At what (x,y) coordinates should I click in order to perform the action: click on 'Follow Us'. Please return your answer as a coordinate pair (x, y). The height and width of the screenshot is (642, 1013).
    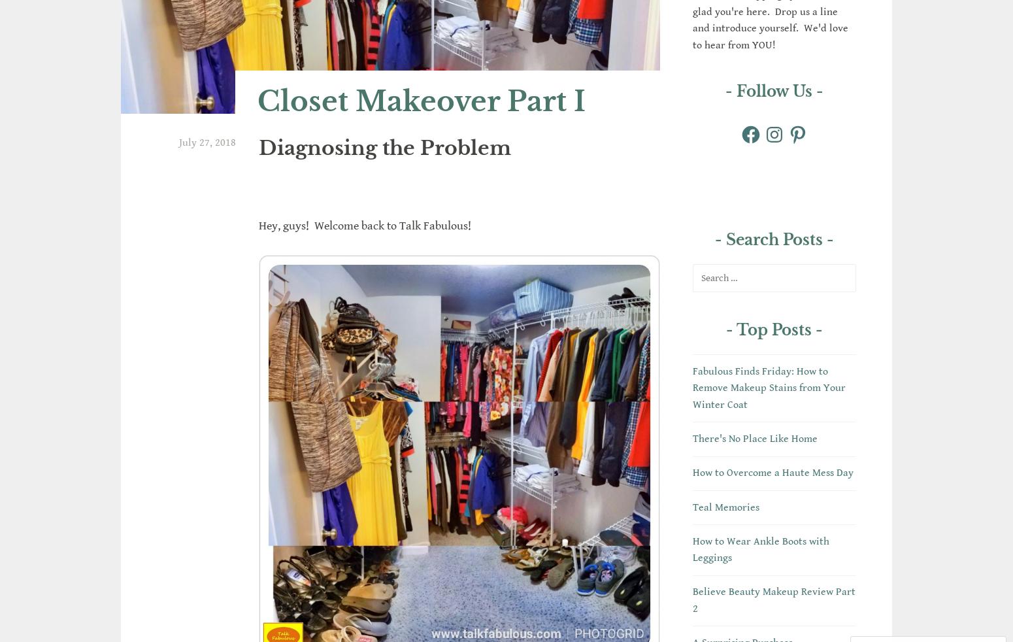
    Looking at the image, I should click on (774, 90).